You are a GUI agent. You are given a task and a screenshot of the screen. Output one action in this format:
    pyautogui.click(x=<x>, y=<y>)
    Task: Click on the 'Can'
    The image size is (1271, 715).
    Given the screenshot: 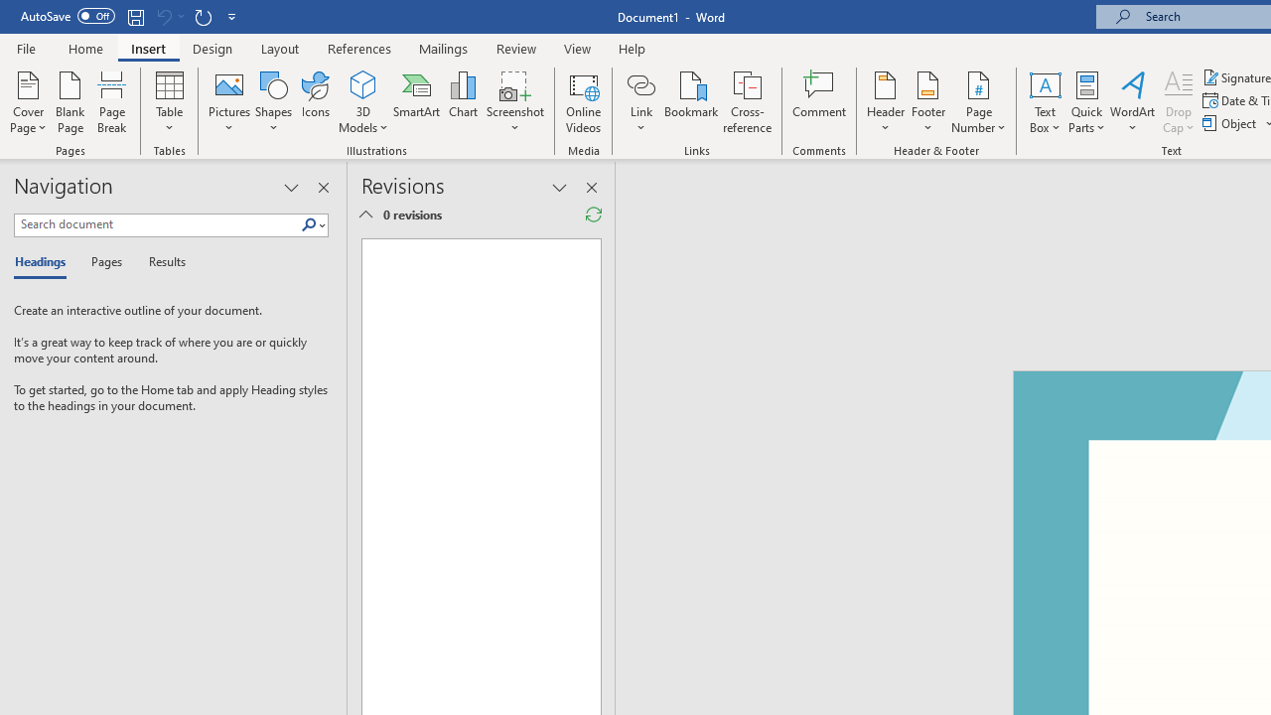 What is the action you would take?
    pyautogui.click(x=169, y=16)
    